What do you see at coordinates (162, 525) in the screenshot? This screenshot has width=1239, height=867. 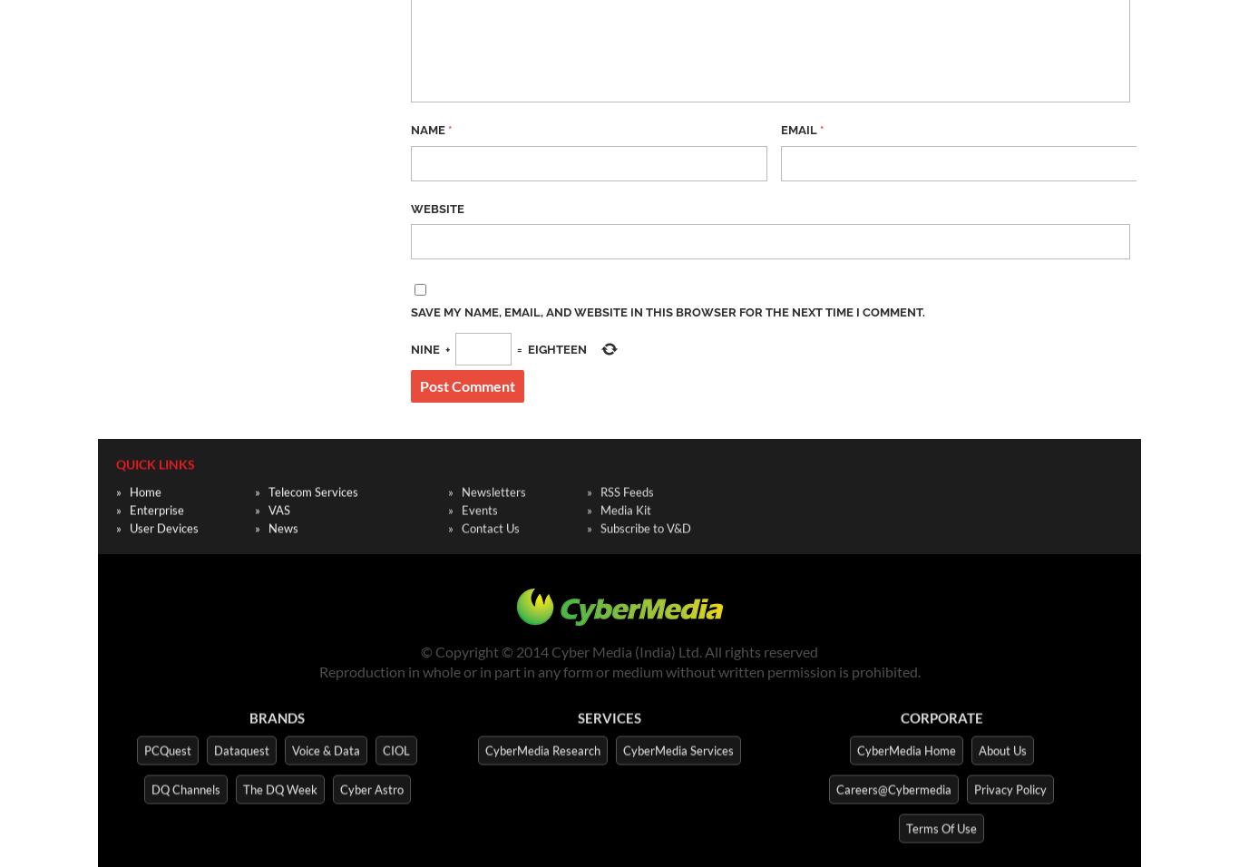 I see `'User Devices'` at bounding box center [162, 525].